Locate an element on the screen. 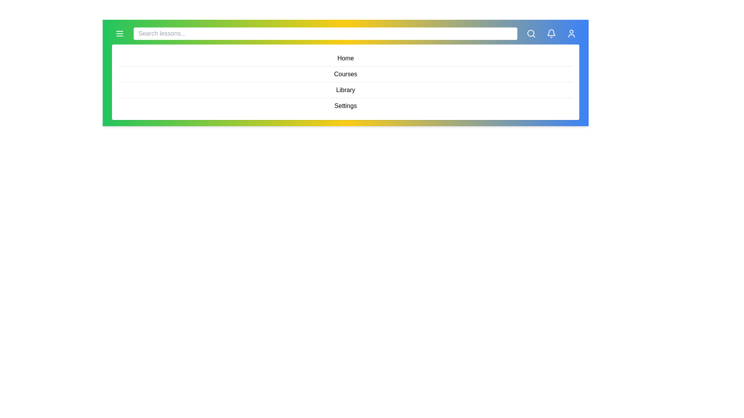 The image size is (744, 418). the menu item Courses from the displayed menu is located at coordinates (345, 74).